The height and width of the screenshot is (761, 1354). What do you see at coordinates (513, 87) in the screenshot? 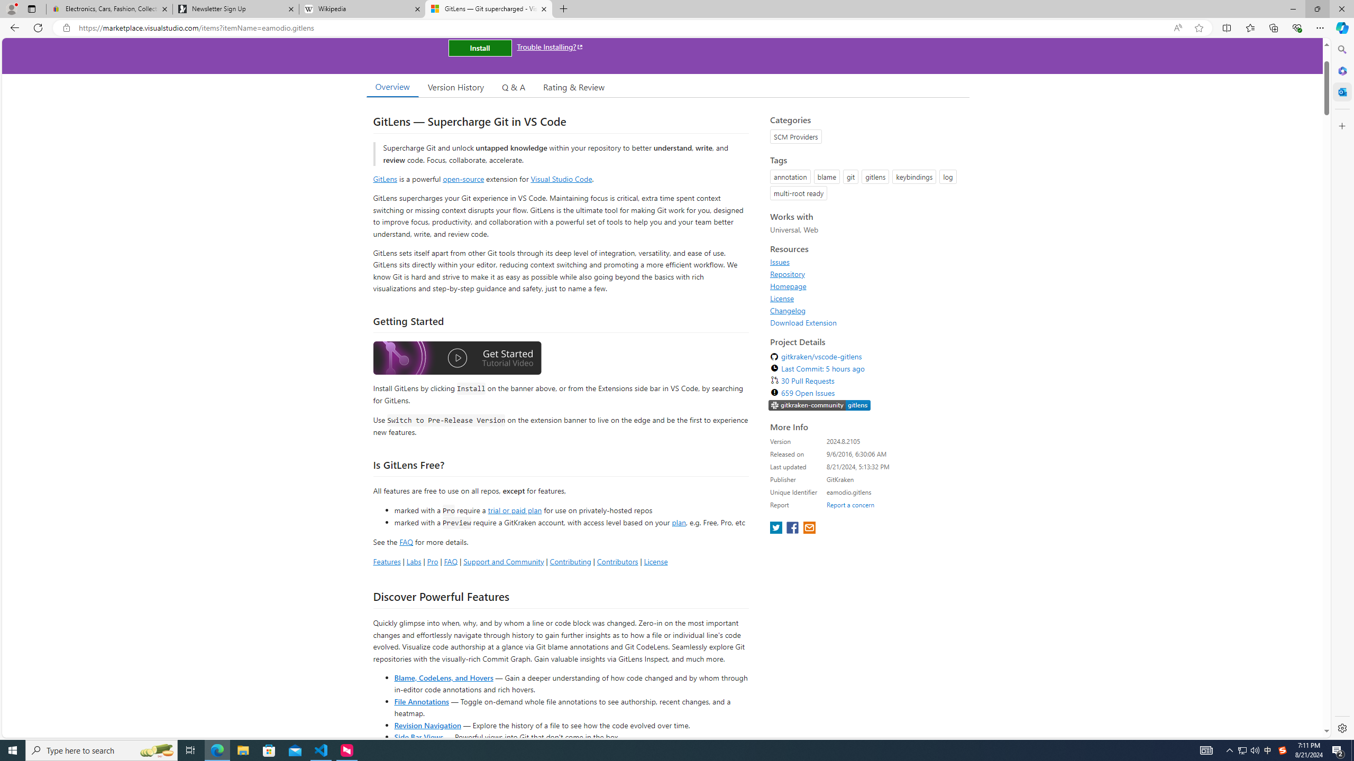
I see `'Q & A'` at bounding box center [513, 87].